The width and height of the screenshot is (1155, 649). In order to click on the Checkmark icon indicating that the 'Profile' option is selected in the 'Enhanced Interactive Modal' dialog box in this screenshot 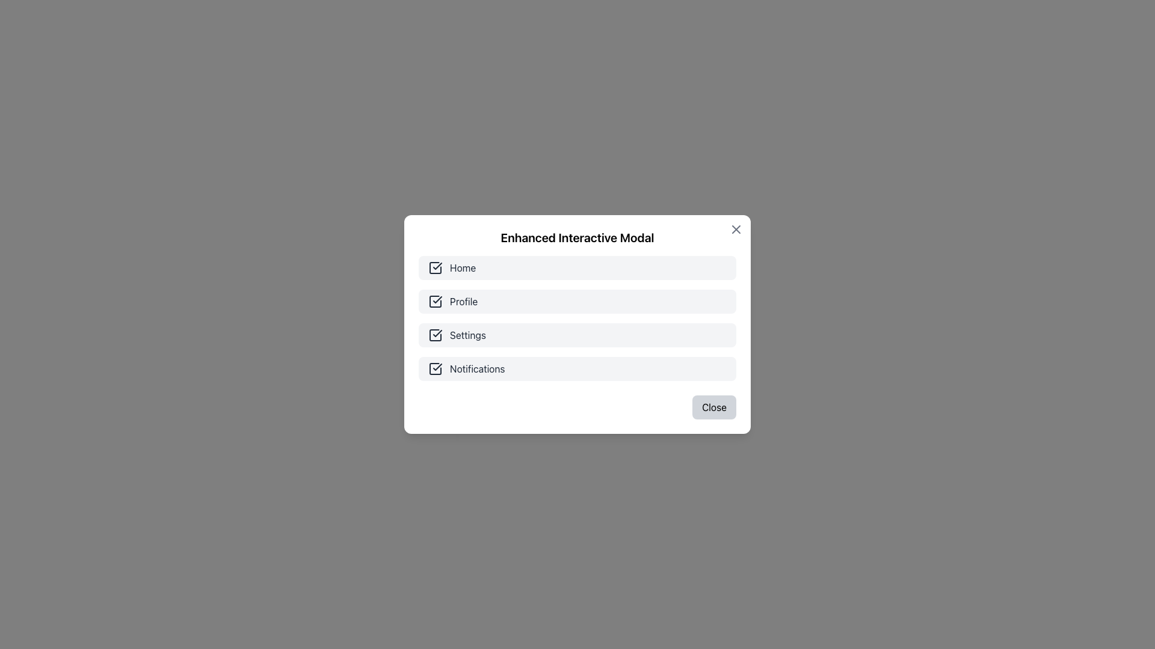, I will do `click(437, 299)`.